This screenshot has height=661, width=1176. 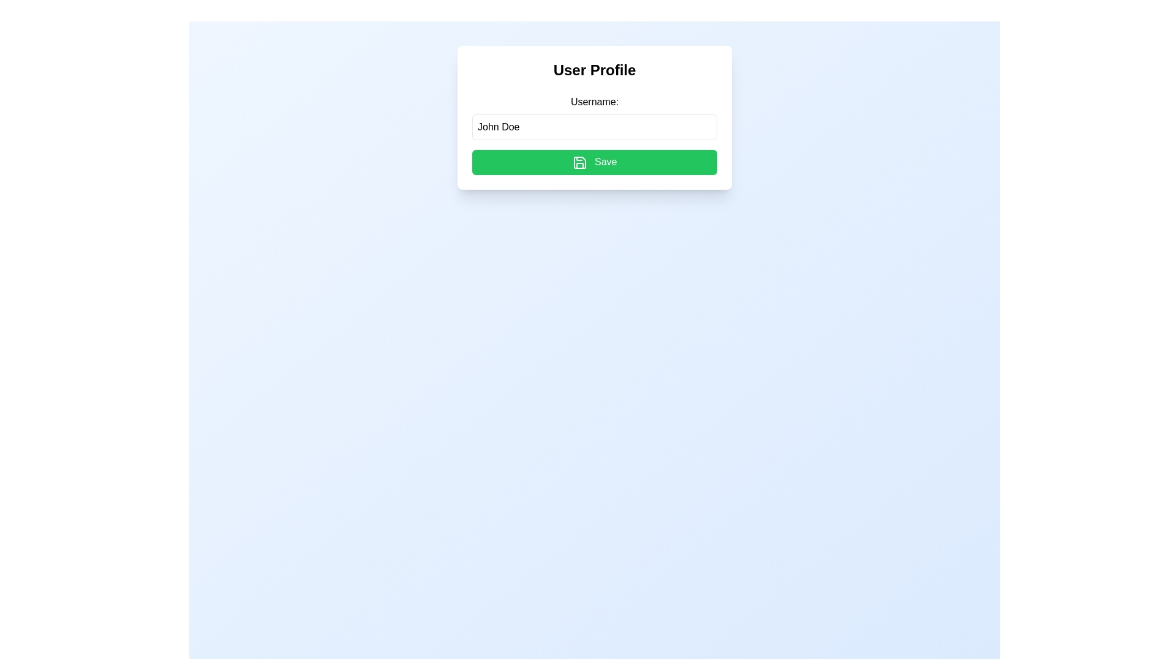 I want to click on the text label displaying 'Username:' located at the top section of the 'User Profile' card interface, so click(x=594, y=101).